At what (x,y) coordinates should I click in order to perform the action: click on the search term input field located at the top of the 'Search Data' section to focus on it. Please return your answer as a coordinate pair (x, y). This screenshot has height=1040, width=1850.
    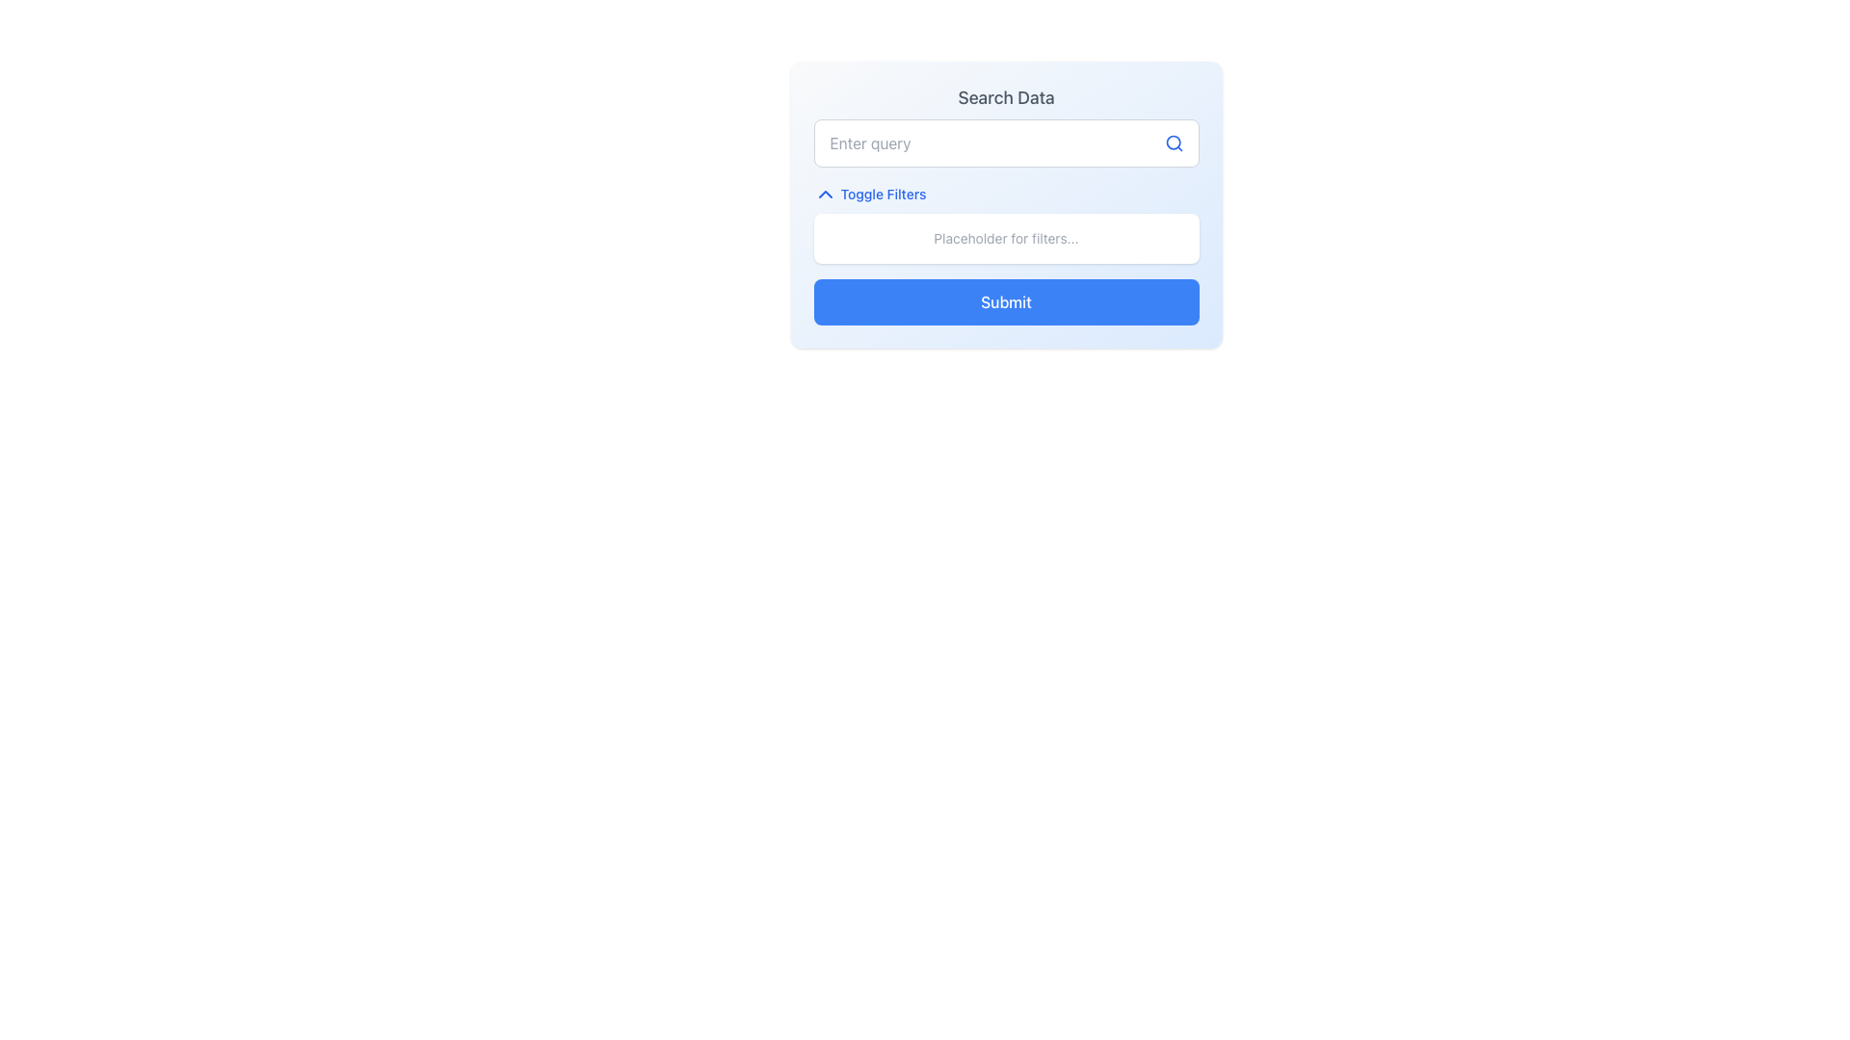
    Looking at the image, I should click on (1005, 143).